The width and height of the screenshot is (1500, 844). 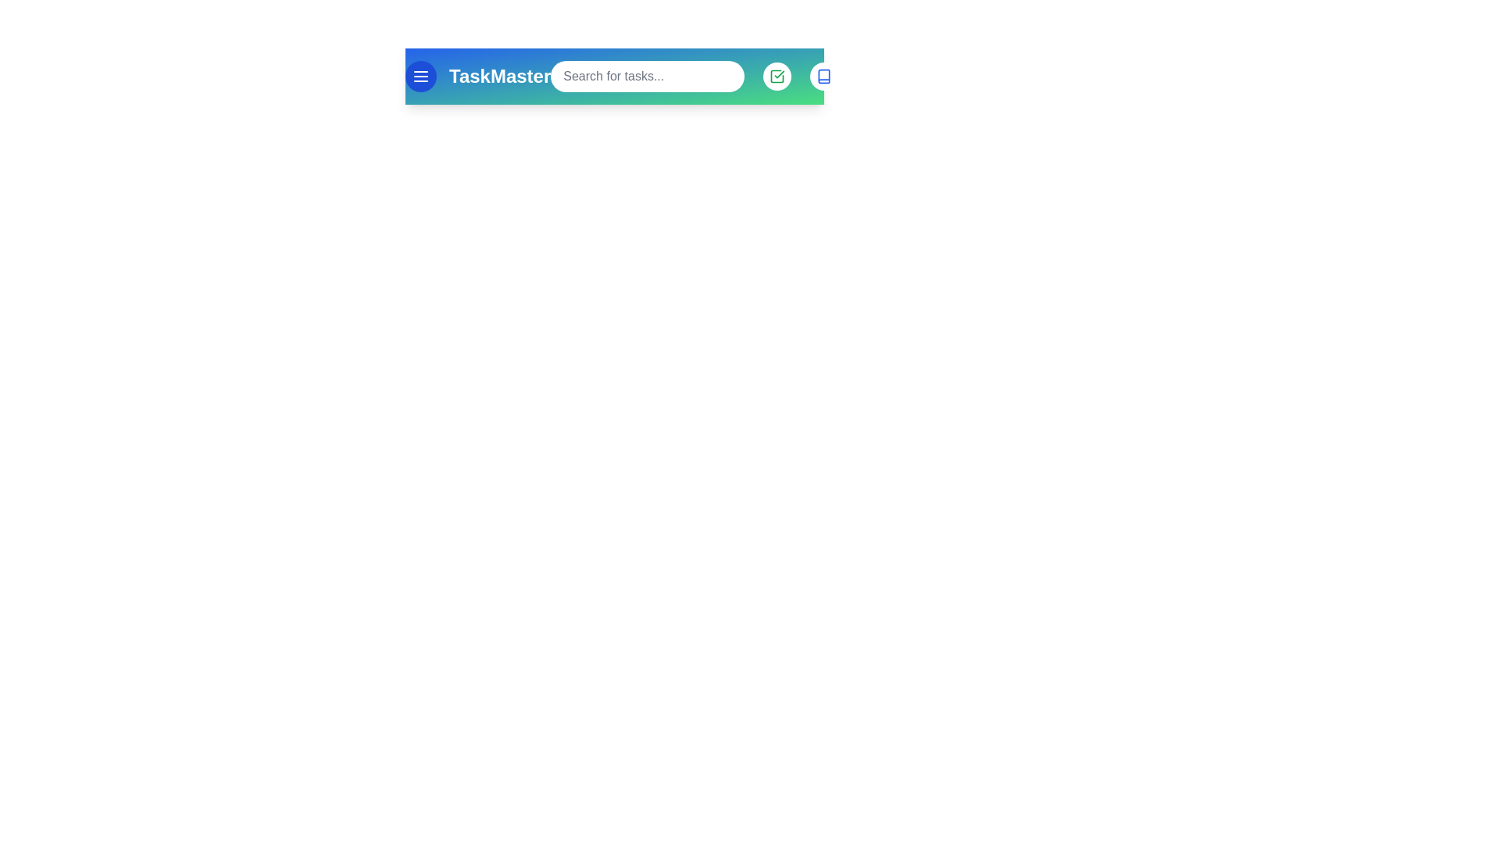 What do you see at coordinates (823, 76) in the screenshot?
I see `the book icon to access the task documentation` at bounding box center [823, 76].